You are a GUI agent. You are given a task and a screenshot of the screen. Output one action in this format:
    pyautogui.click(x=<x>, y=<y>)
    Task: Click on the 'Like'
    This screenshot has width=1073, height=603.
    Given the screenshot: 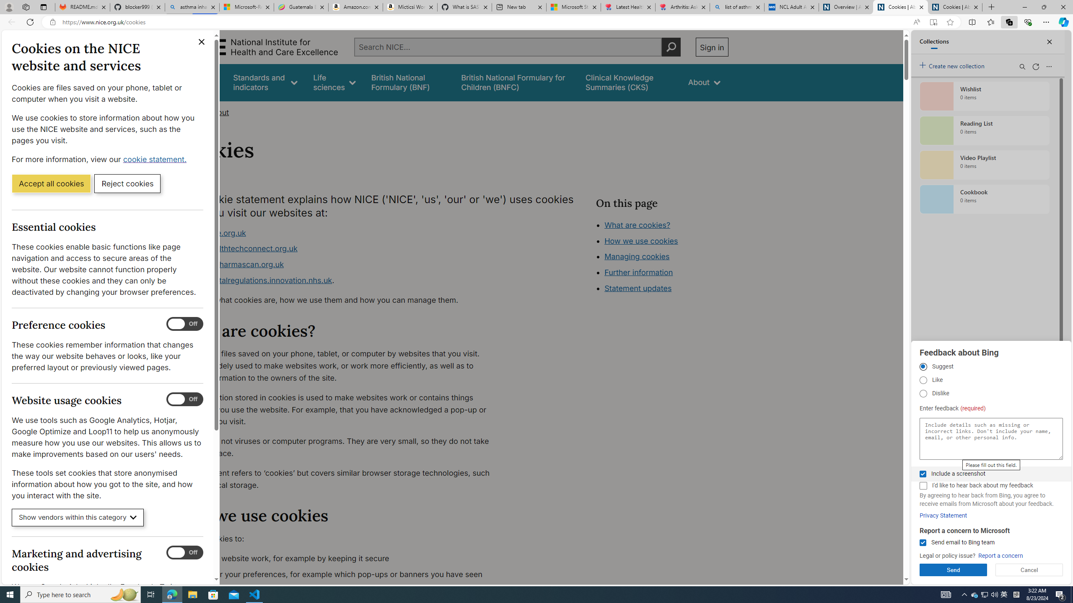 What is the action you would take?
    pyautogui.click(x=923, y=380)
    